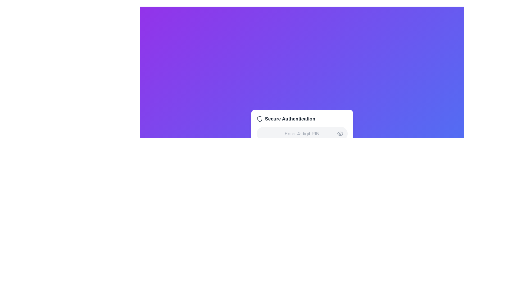 Image resolution: width=508 pixels, height=286 pixels. I want to click on the 'How this Text with Icon works' element, which serves as a title indicating the context of secure authentication, located above the 4-digit PIN input section, so click(302, 118).